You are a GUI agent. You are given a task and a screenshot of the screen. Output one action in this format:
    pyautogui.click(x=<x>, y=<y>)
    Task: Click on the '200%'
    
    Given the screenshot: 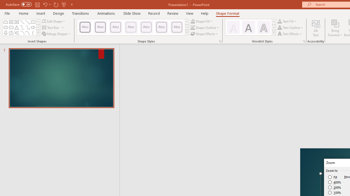 What is the action you would take?
    pyautogui.click(x=334, y=187)
    